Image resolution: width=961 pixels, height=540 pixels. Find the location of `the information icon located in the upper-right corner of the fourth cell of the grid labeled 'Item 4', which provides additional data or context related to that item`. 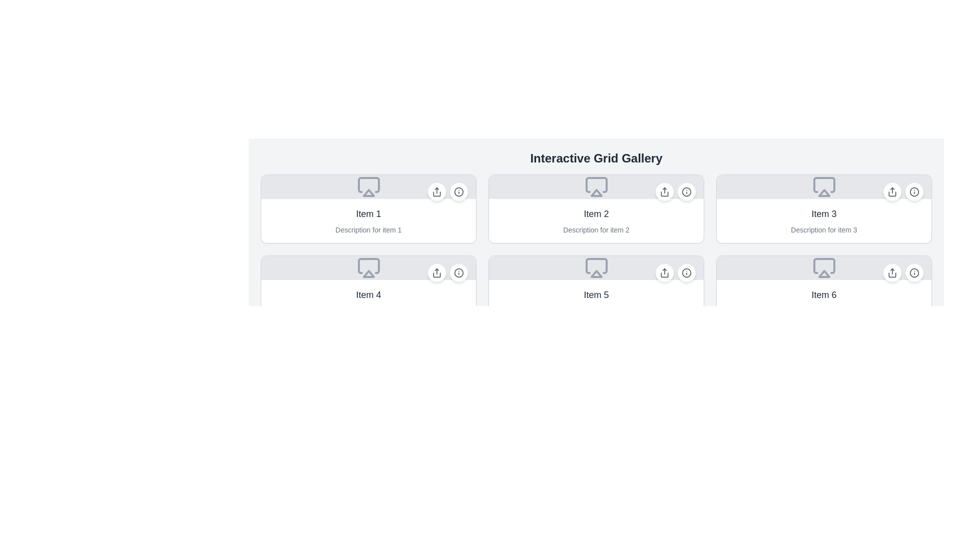

the information icon located in the upper-right corner of the fourth cell of the grid labeled 'Item 4', which provides additional data or context related to that item is located at coordinates (458, 273).